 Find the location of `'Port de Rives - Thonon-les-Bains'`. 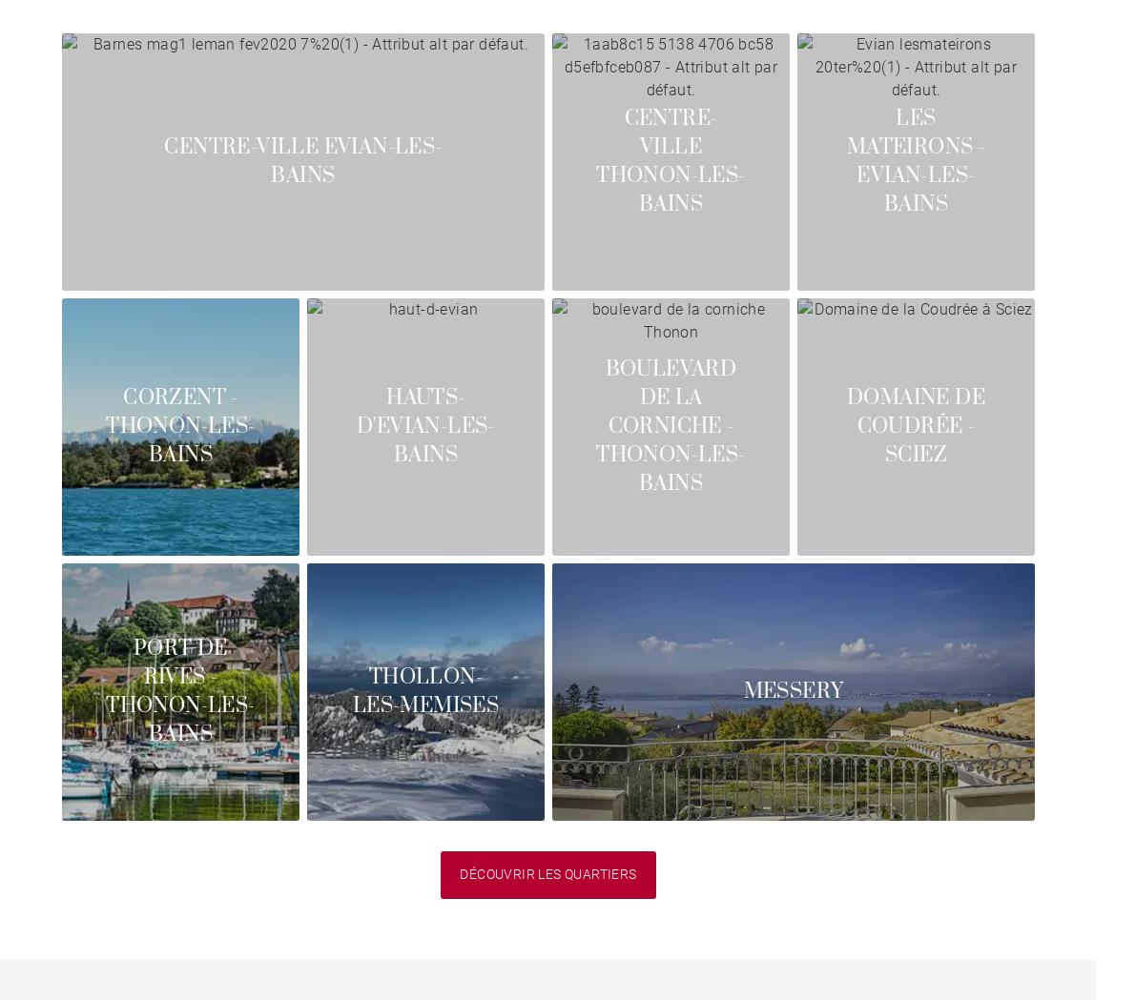

'Port de Rives - Thonon-les-Bains' is located at coordinates (178, 691).